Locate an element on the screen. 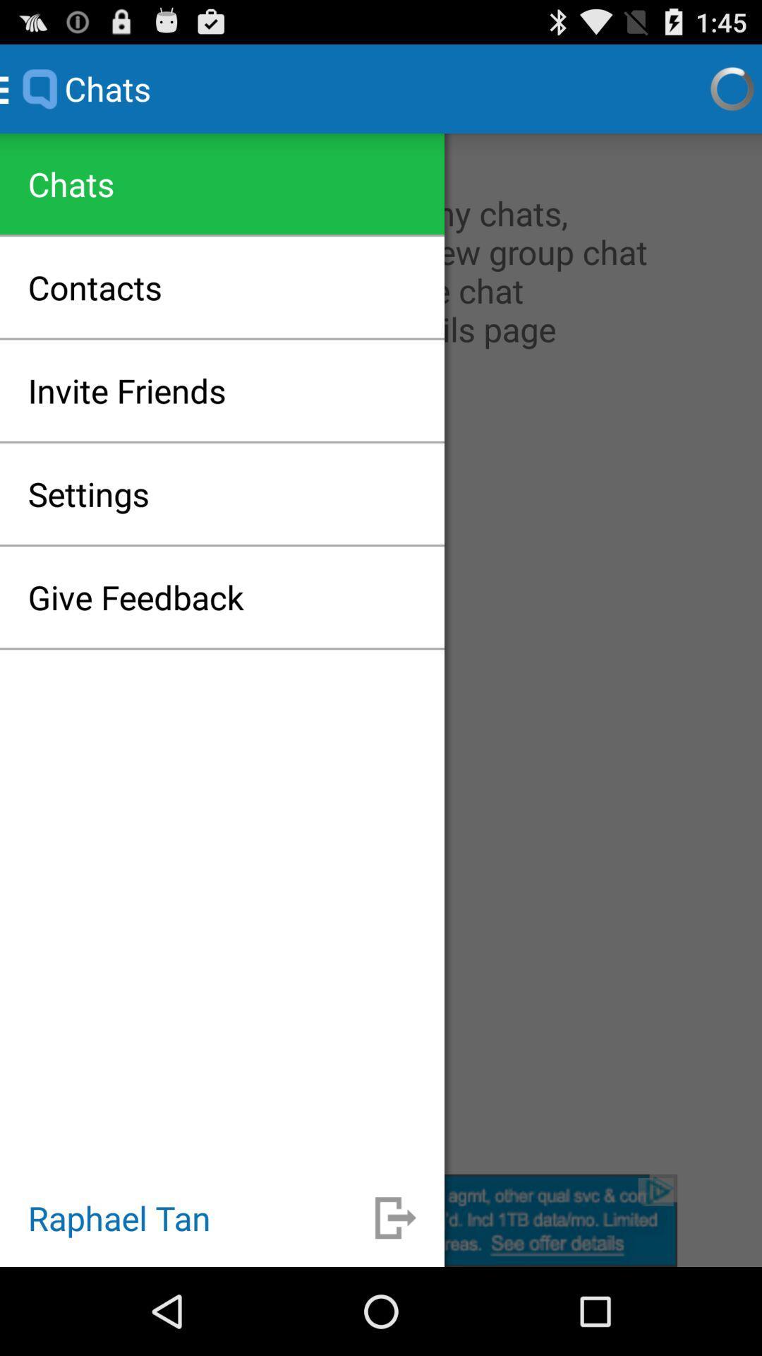 This screenshot has height=1356, width=762. navigation menu is located at coordinates (381, 653).